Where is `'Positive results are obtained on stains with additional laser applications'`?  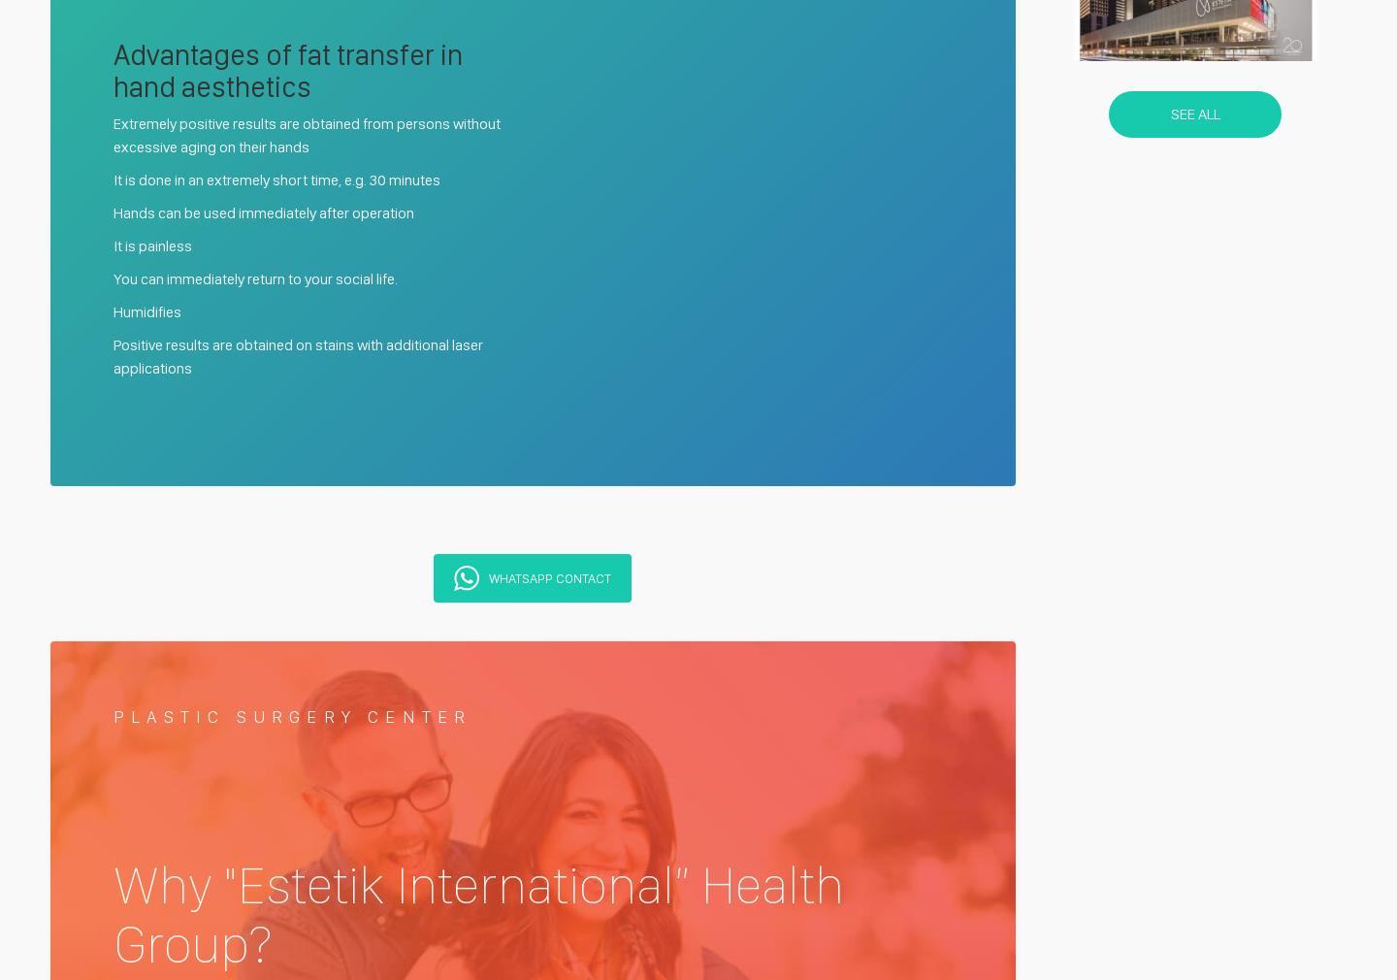 'Positive results are obtained on stains with additional laser applications' is located at coordinates (114, 356).